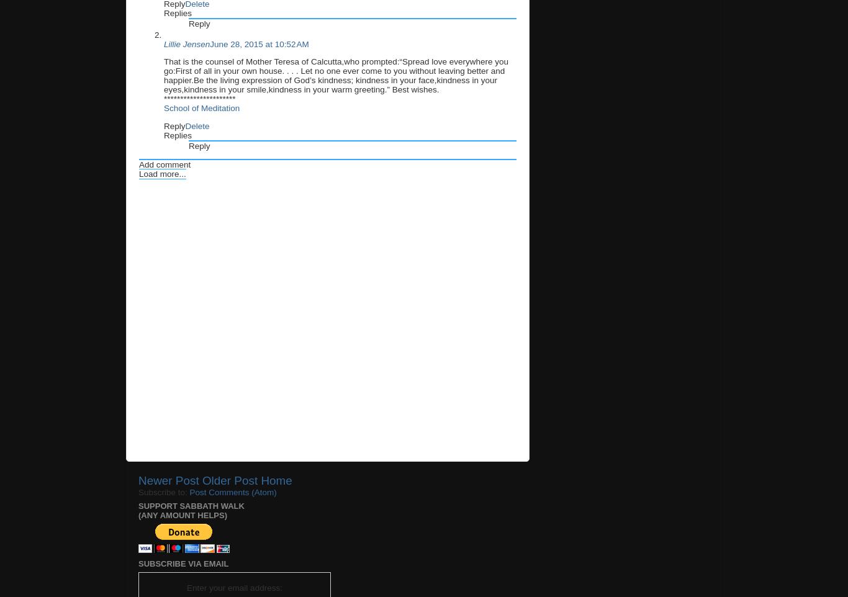 The image size is (848, 597). I want to click on 'Newer Post', so click(168, 480).